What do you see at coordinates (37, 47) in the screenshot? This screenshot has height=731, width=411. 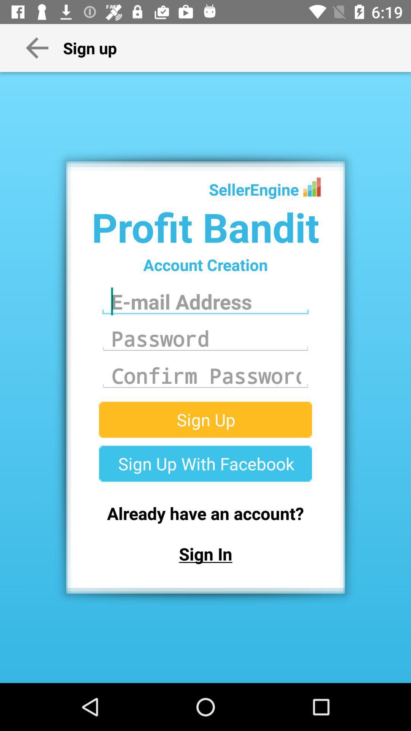 I see `the button on the top left corner of the web page` at bounding box center [37, 47].